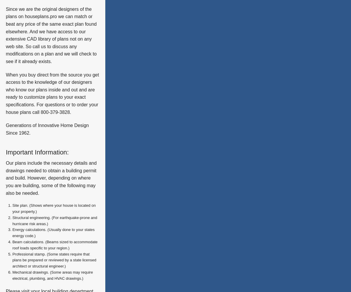 This screenshot has width=351, height=292. I want to click on 'When you buy direct from the source you get access to the knowledge of our designers who know our plans inside and out and are ready to customize plans to your exact specifications. For questions or to order your house plans call 800-379-3828.', so click(6, 93).